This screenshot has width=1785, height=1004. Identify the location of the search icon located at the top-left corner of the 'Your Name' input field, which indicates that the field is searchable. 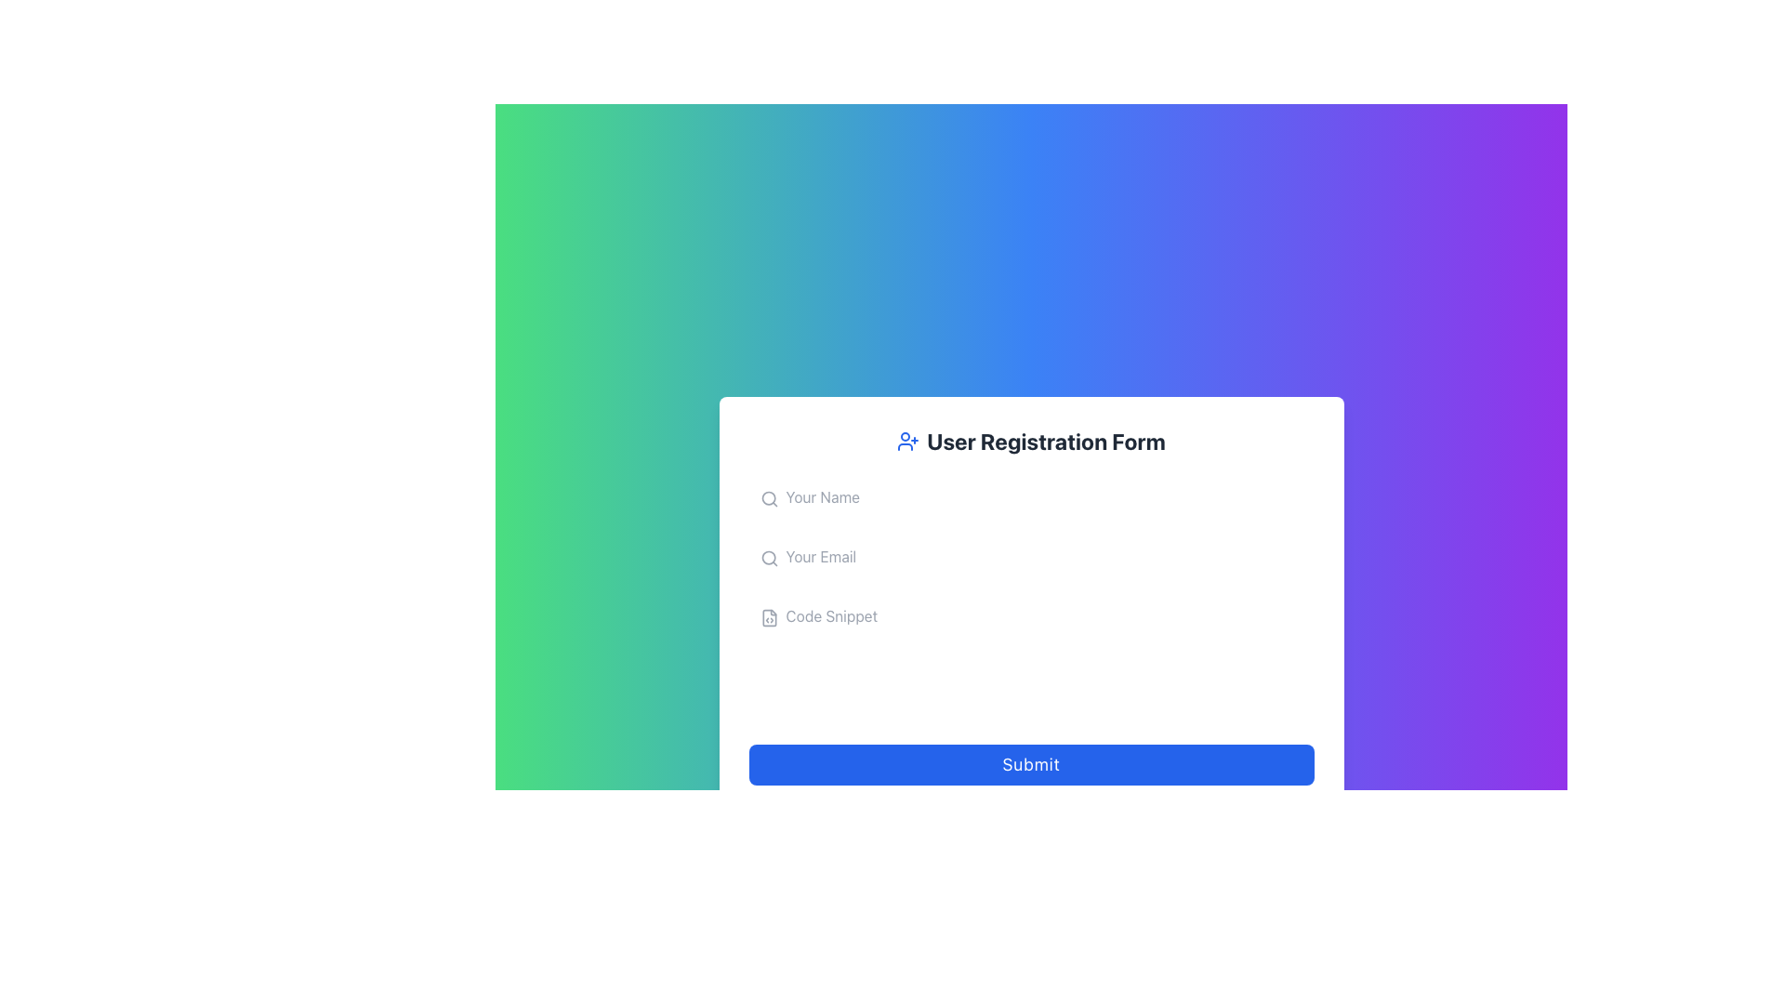
(769, 497).